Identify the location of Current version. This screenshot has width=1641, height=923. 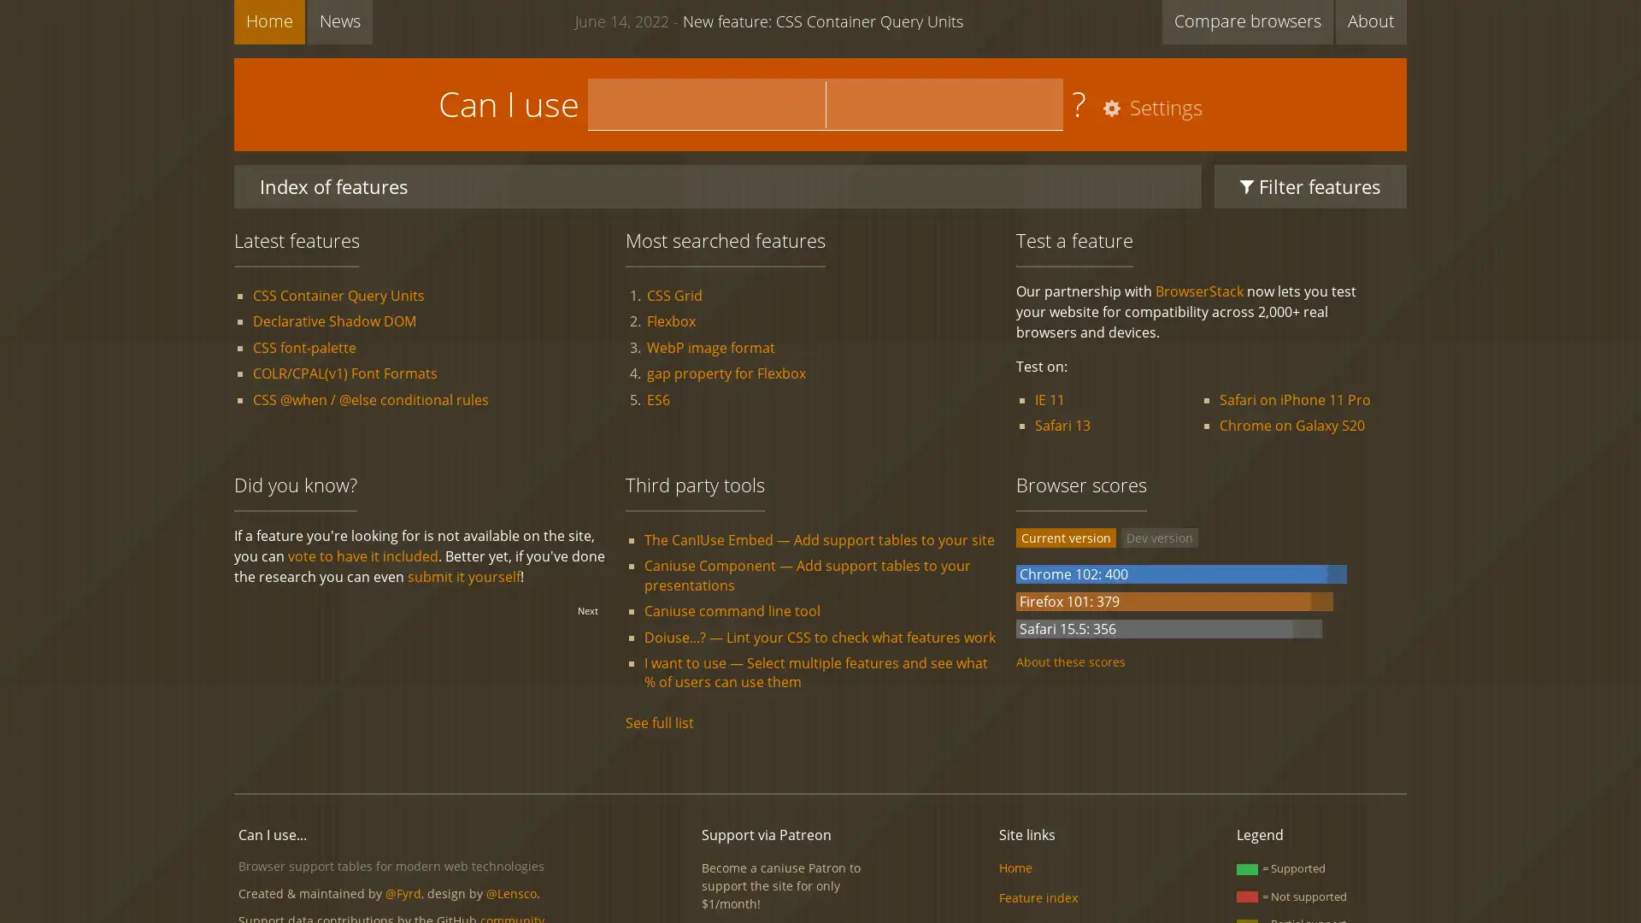
(1064, 536).